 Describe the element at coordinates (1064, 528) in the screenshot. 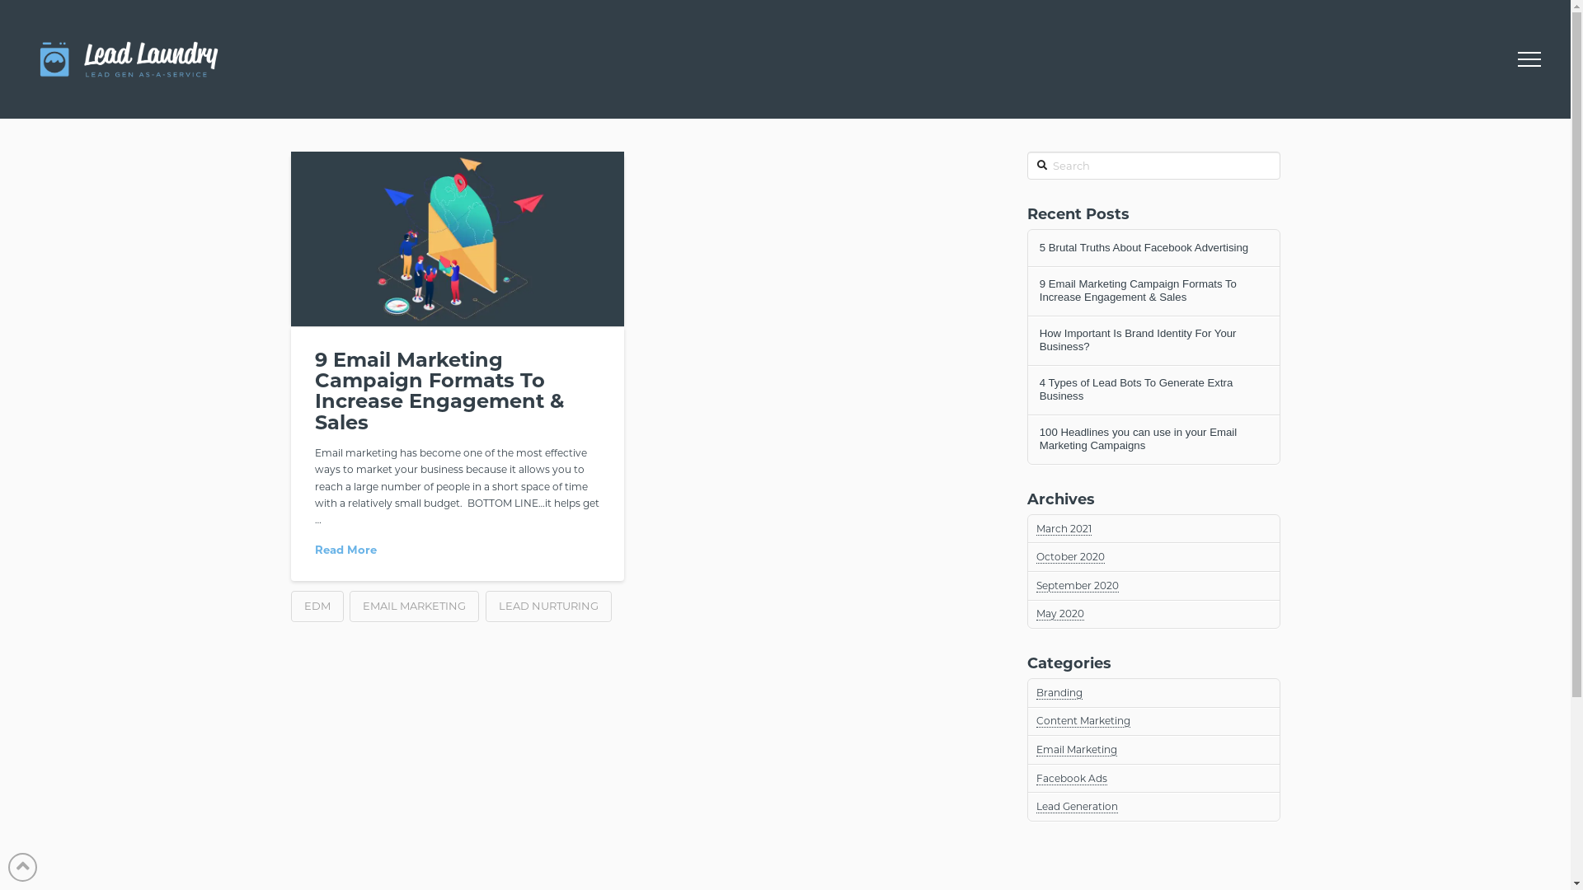

I see `'March 2021'` at that location.